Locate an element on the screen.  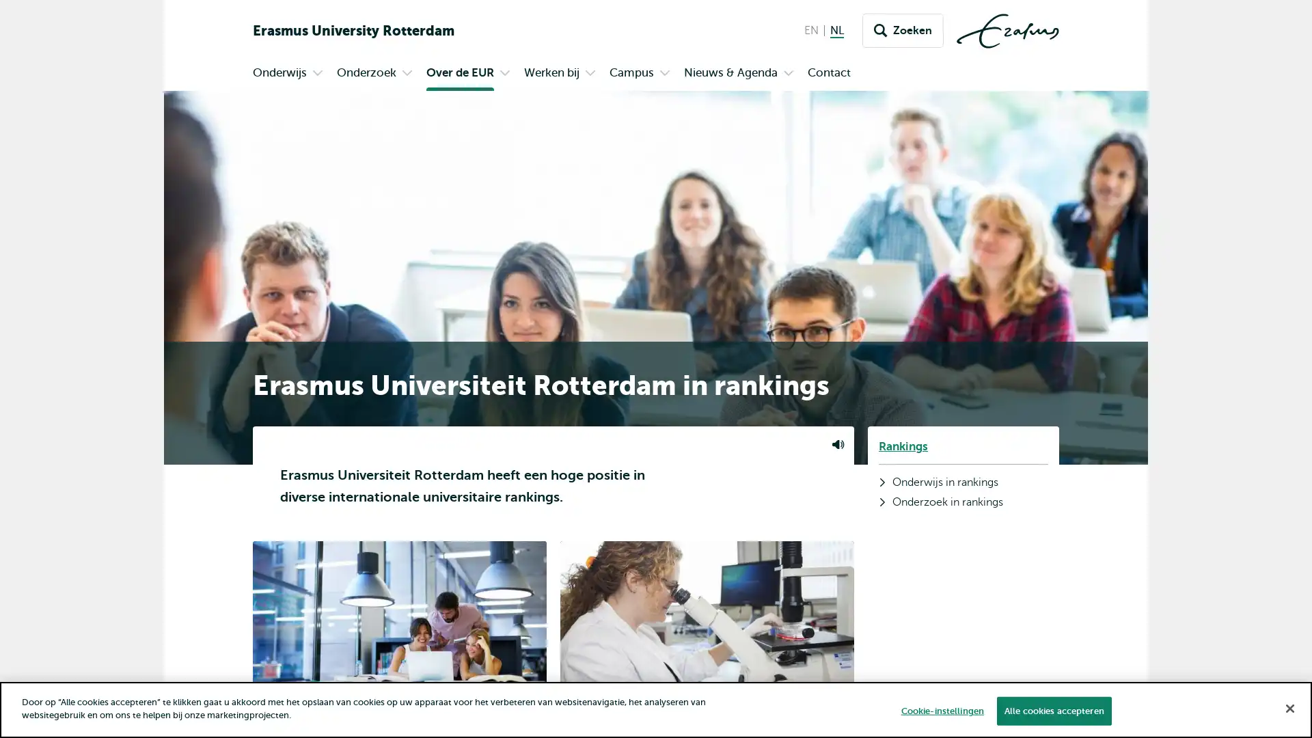
Open submenu is located at coordinates (590, 74).